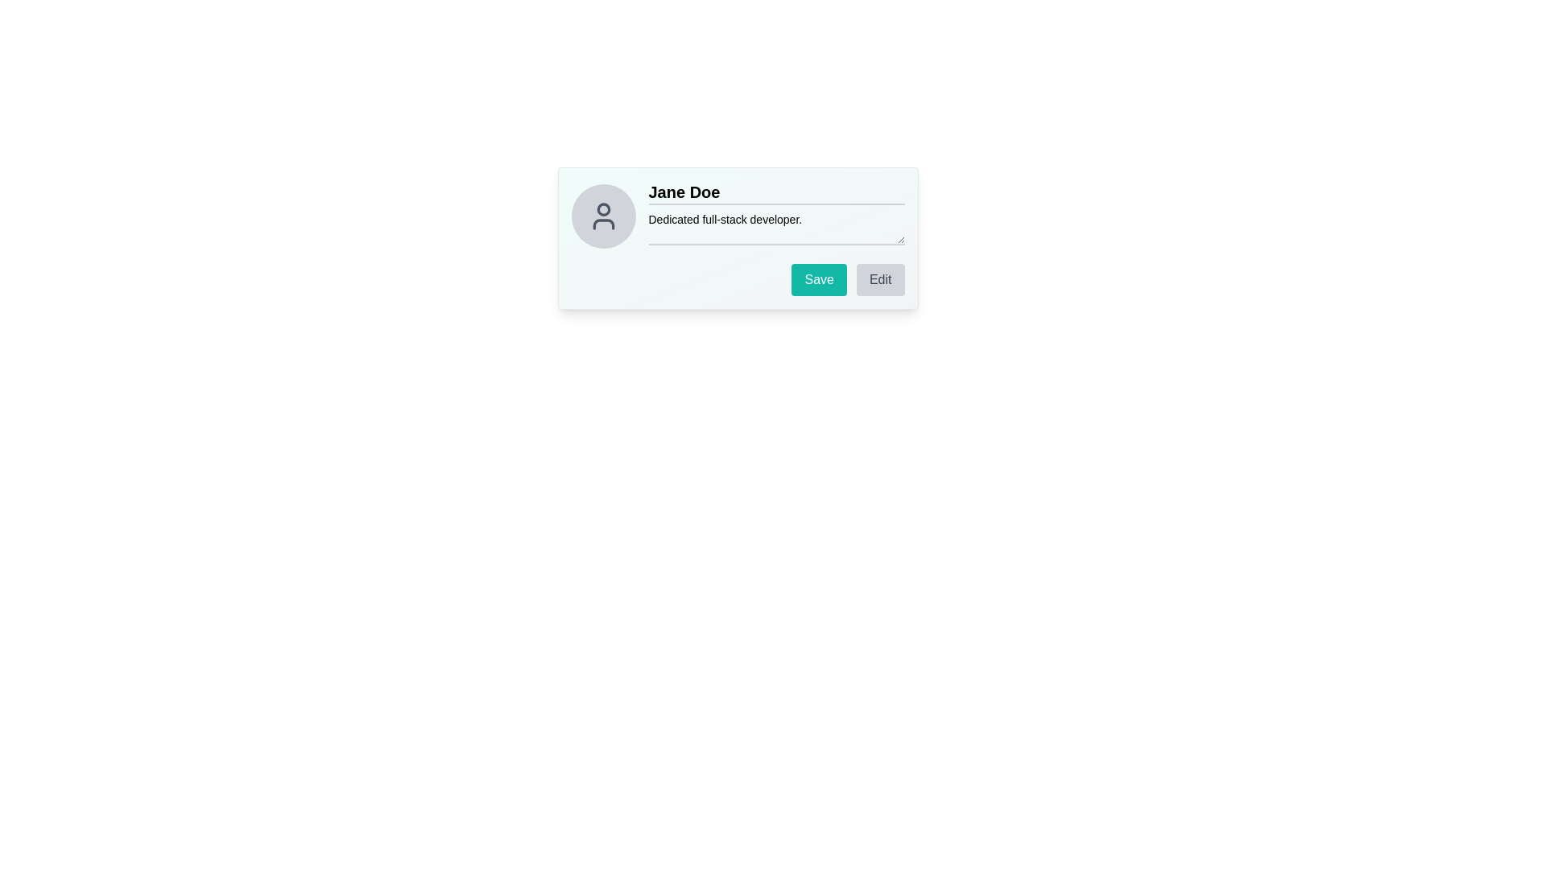  What do you see at coordinates (776, 229) in the screenshot?
I see `the text input field displaying the placeholder text 'Dedicated full-stack developer.' located below 'Jane Doe'` at bounding box center [776, 229].